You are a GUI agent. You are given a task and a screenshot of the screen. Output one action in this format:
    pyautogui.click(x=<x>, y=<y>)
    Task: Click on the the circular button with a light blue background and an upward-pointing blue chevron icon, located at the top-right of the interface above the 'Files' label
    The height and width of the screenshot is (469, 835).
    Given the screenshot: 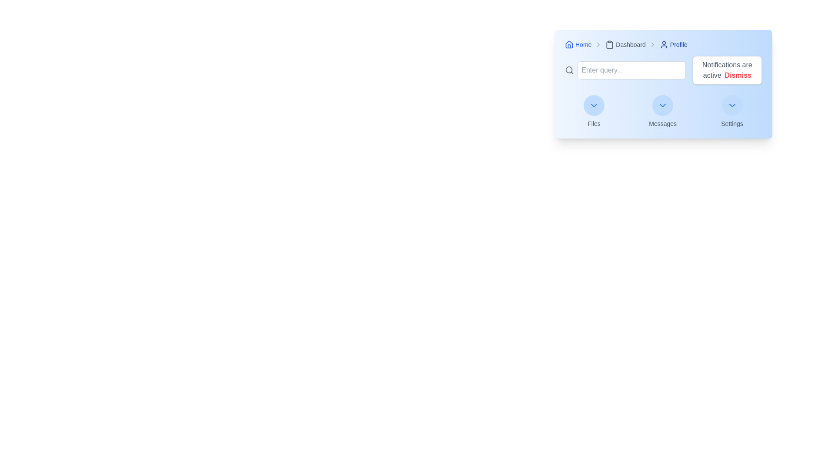 What is the action you would take?
    pyautogui.click(x=594, y=105)
    